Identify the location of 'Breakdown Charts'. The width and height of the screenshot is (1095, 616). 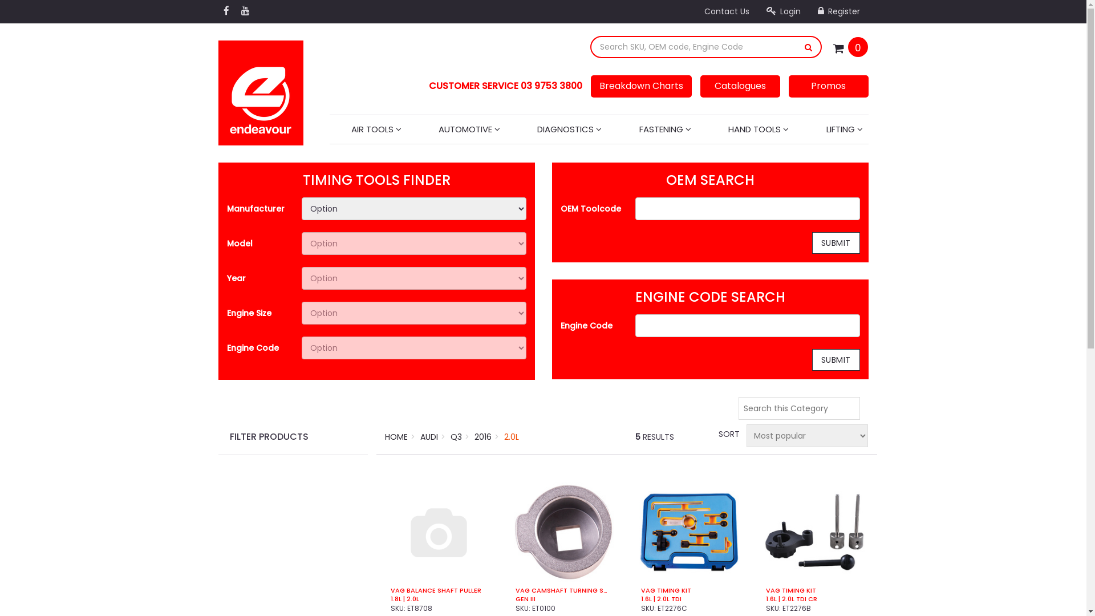
(641, 86).